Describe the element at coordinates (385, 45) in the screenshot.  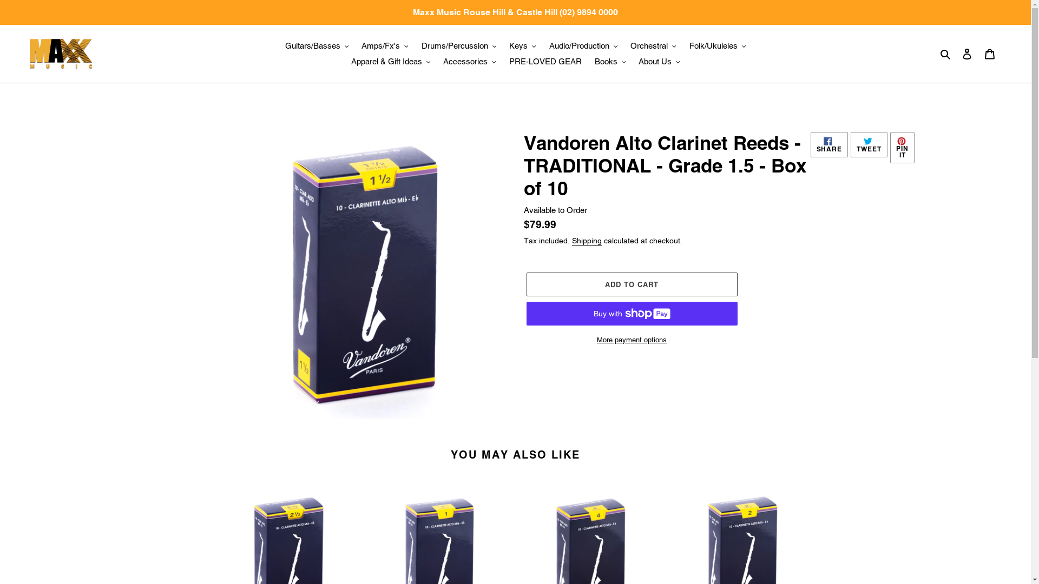
I see `'Amps/Fx's'` at that location.